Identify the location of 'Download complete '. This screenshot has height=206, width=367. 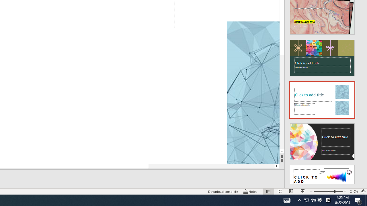
(223, 191).